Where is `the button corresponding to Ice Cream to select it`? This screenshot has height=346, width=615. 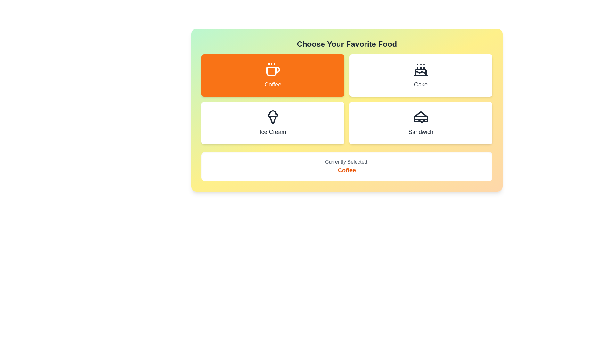
the button corresponding to Ice Cream to select it is located at coordinates (273, 123).